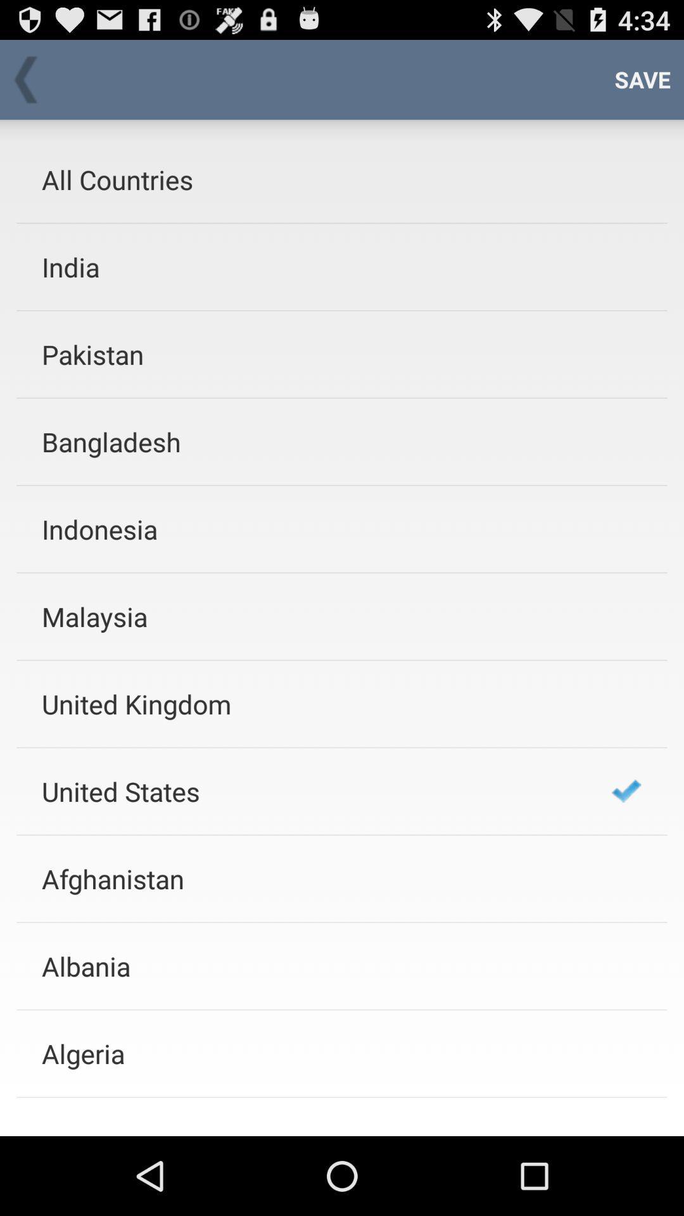 This screenshot has height=1216, width=684. What do you see at coordinates (310, 790) in the screenshot?
I see `item above afghanistan icon` at bounding box center [310, 790].